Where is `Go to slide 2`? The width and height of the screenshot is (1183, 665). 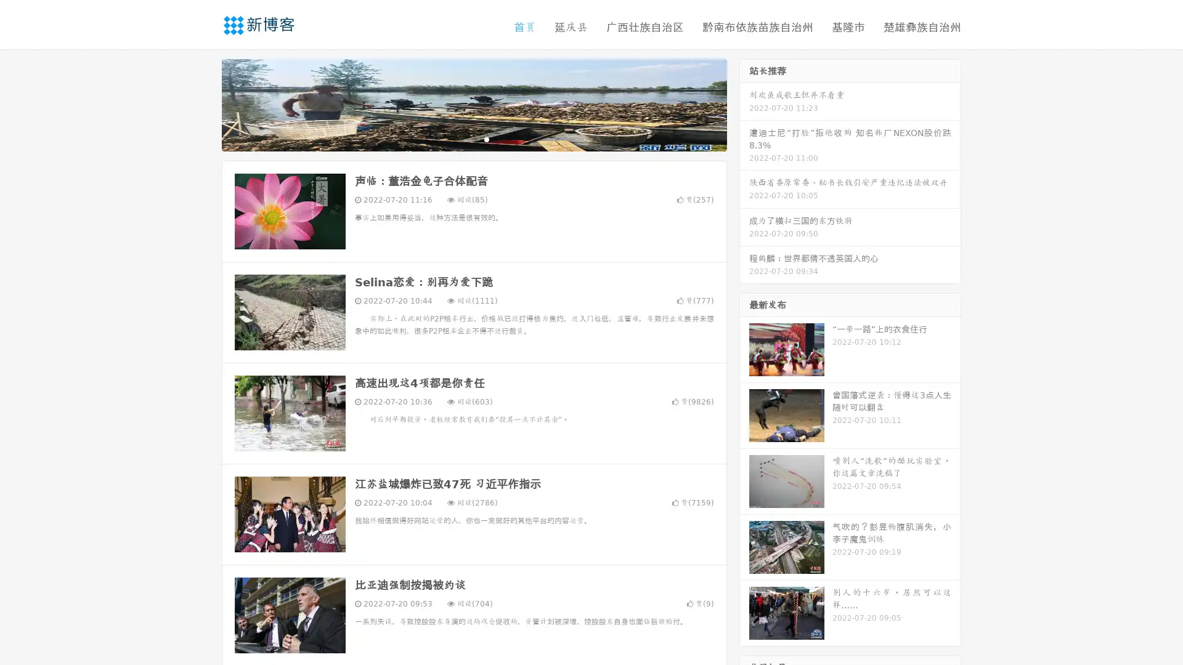
Go to slide 2 is located at coordinates (473, 139).